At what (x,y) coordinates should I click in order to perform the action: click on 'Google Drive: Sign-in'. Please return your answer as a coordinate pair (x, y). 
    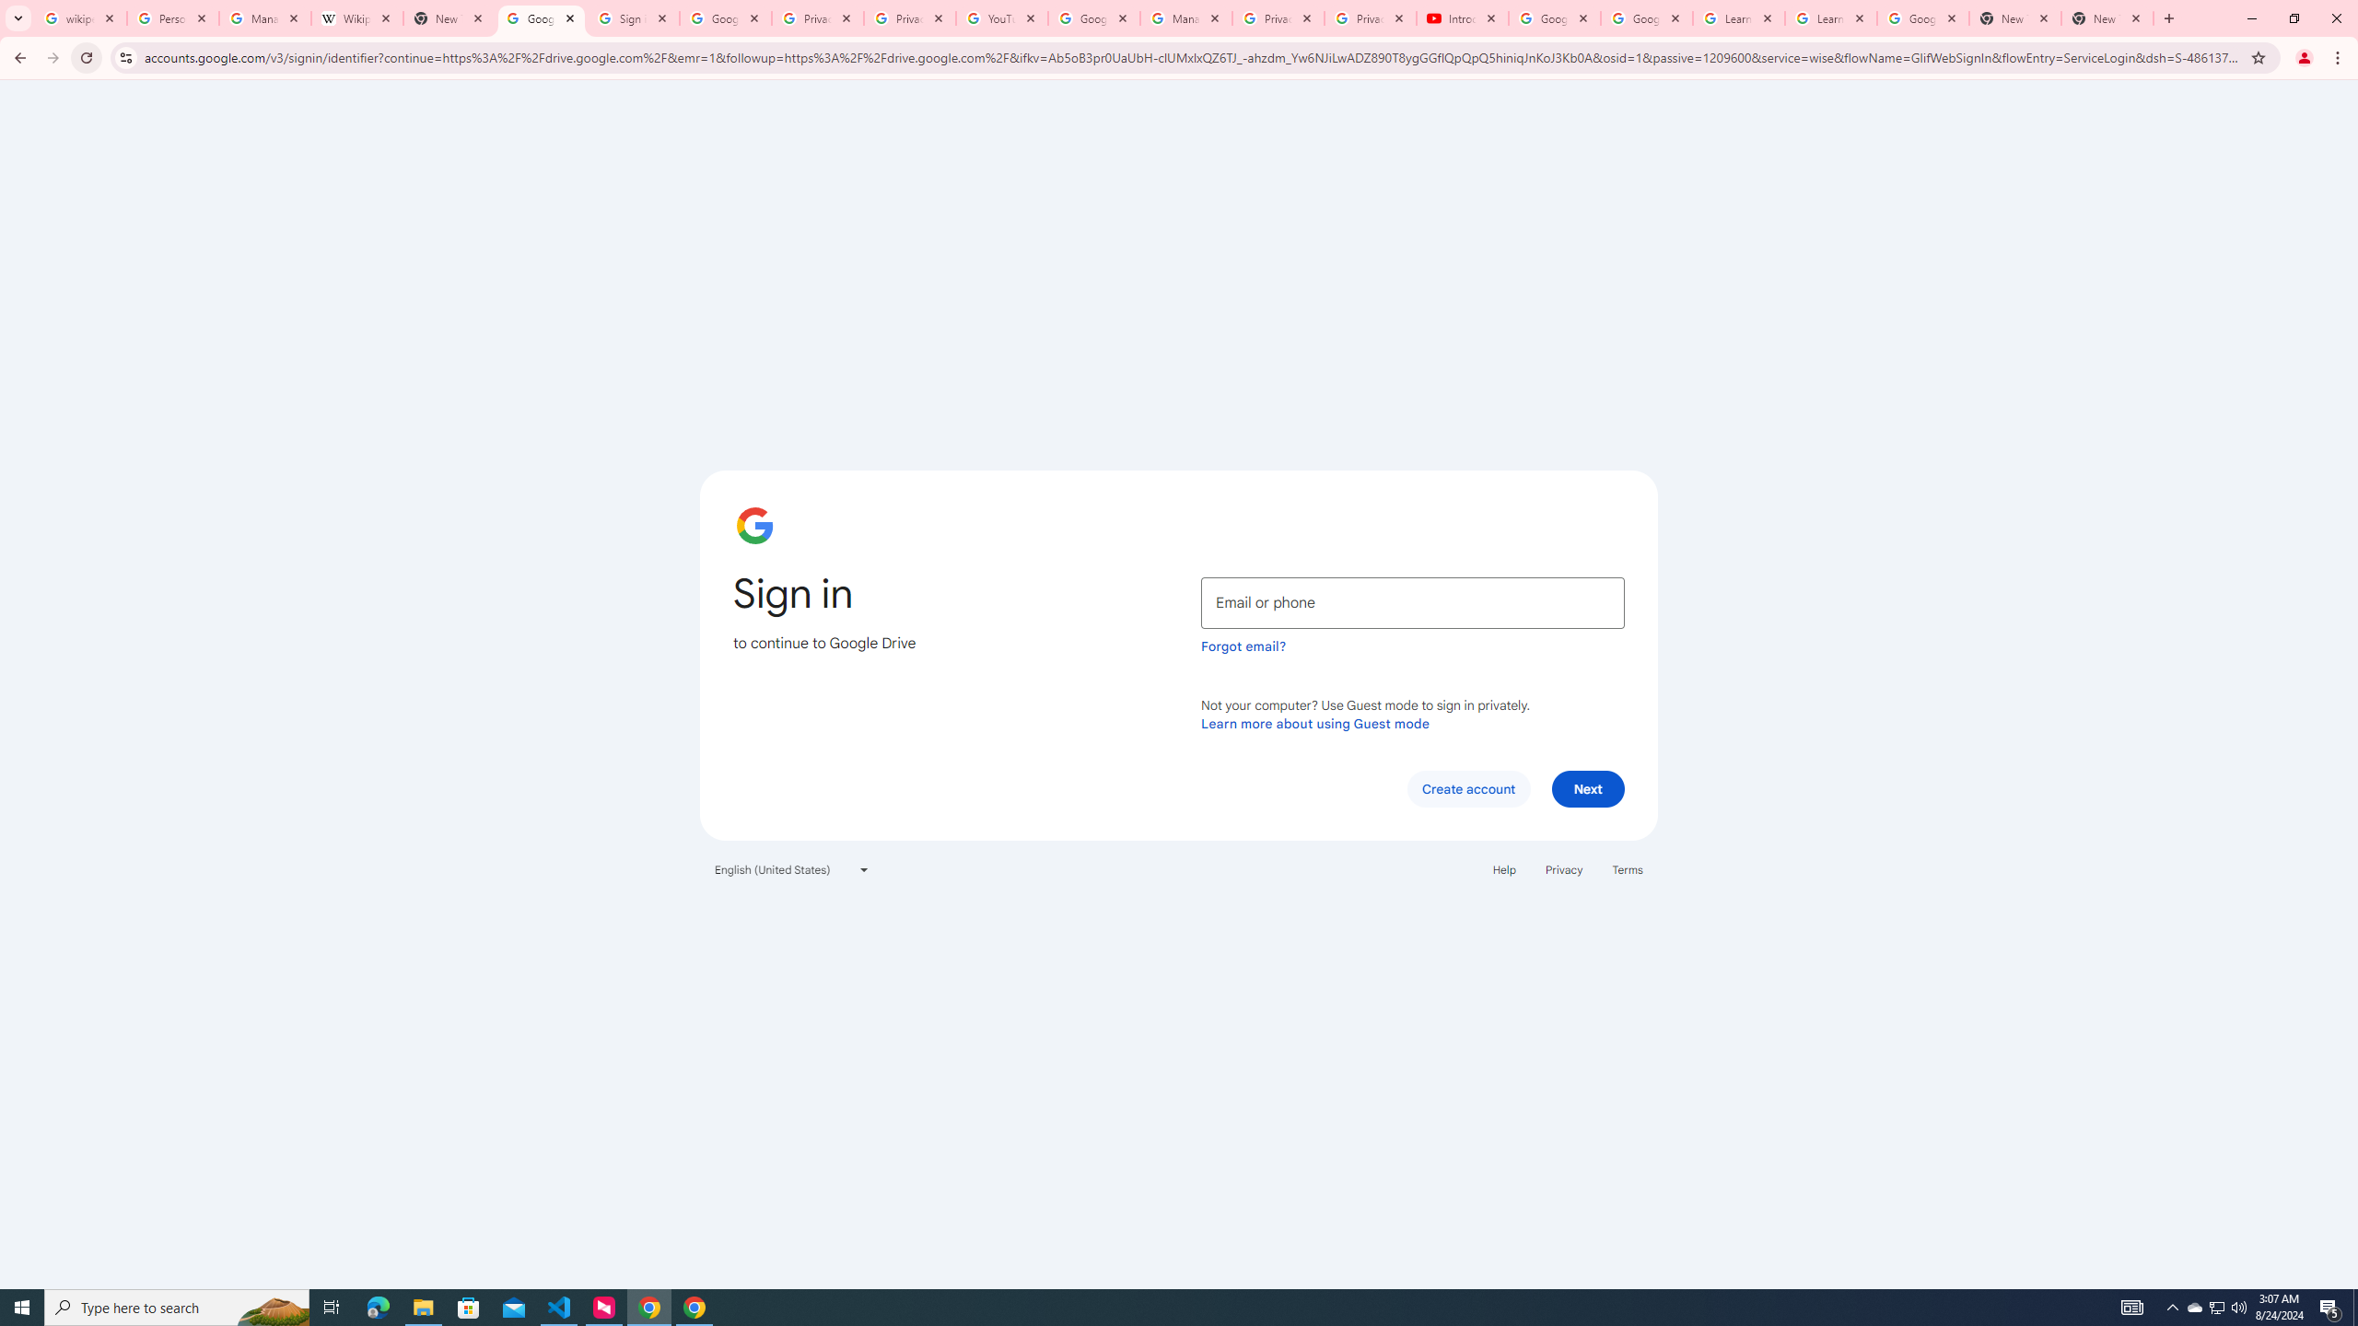
    Looking at the image, I should click on (541, 17).